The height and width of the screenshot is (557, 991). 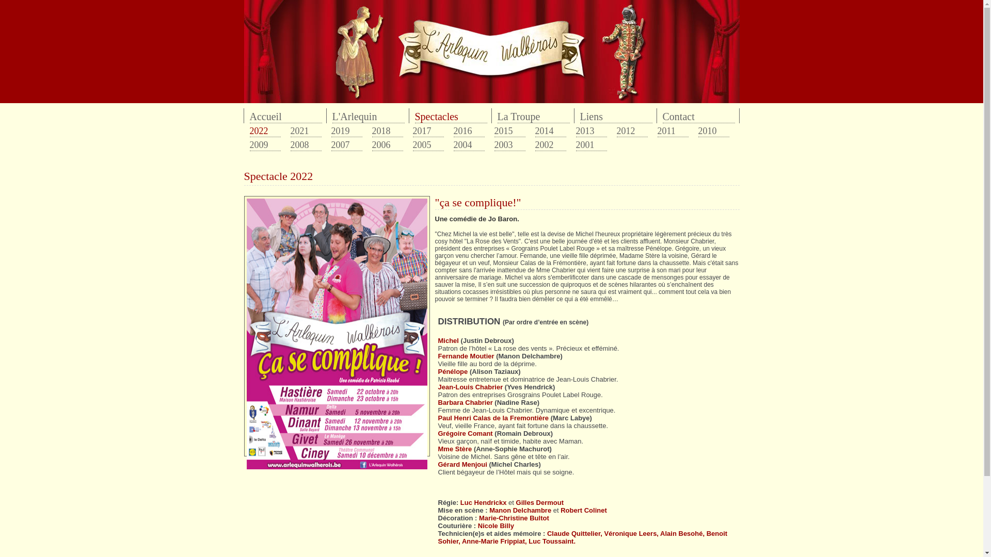 What do you see at coordinates (386, 145) in the screenshot?
I see `'2006'` at bounding box center [386, 145].